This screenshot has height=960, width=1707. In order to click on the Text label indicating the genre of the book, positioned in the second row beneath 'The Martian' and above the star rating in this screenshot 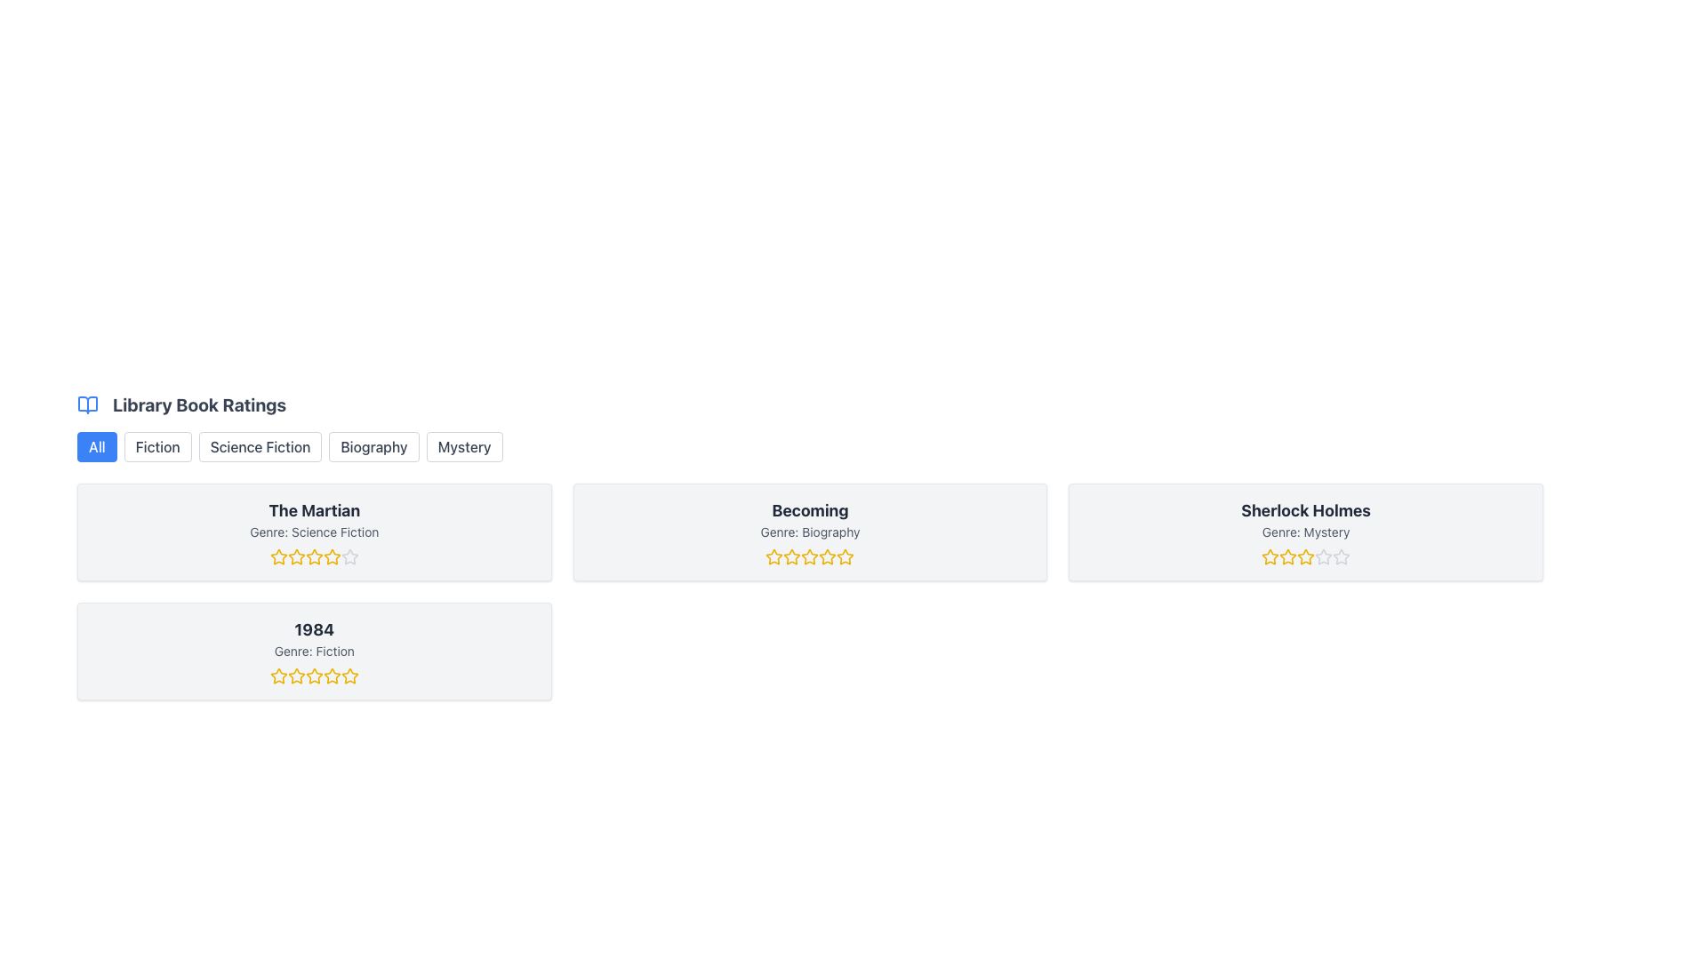, I will do `click(314, 531)`.